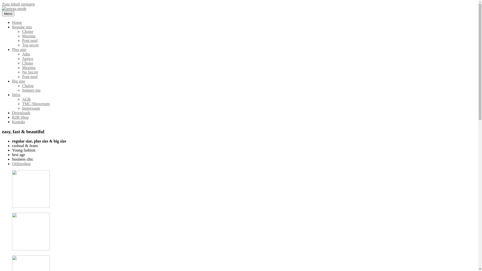 The height and width of the screenshot is (271, 482). What do you see at coordinates (12, 95) in the screenshot?
I see `'Infos'` at bounding box center [12, 95].